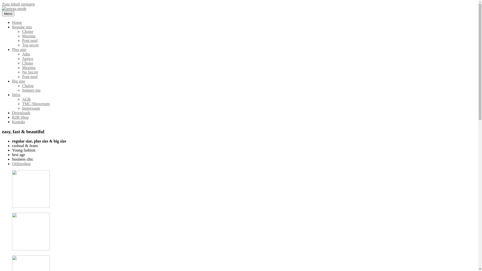 The height and width of the screenshot is (271, 482). What do you see at coordinates (12, 95) in the screenshot?
I see `'Infos'` at bounding box center [12, 95].